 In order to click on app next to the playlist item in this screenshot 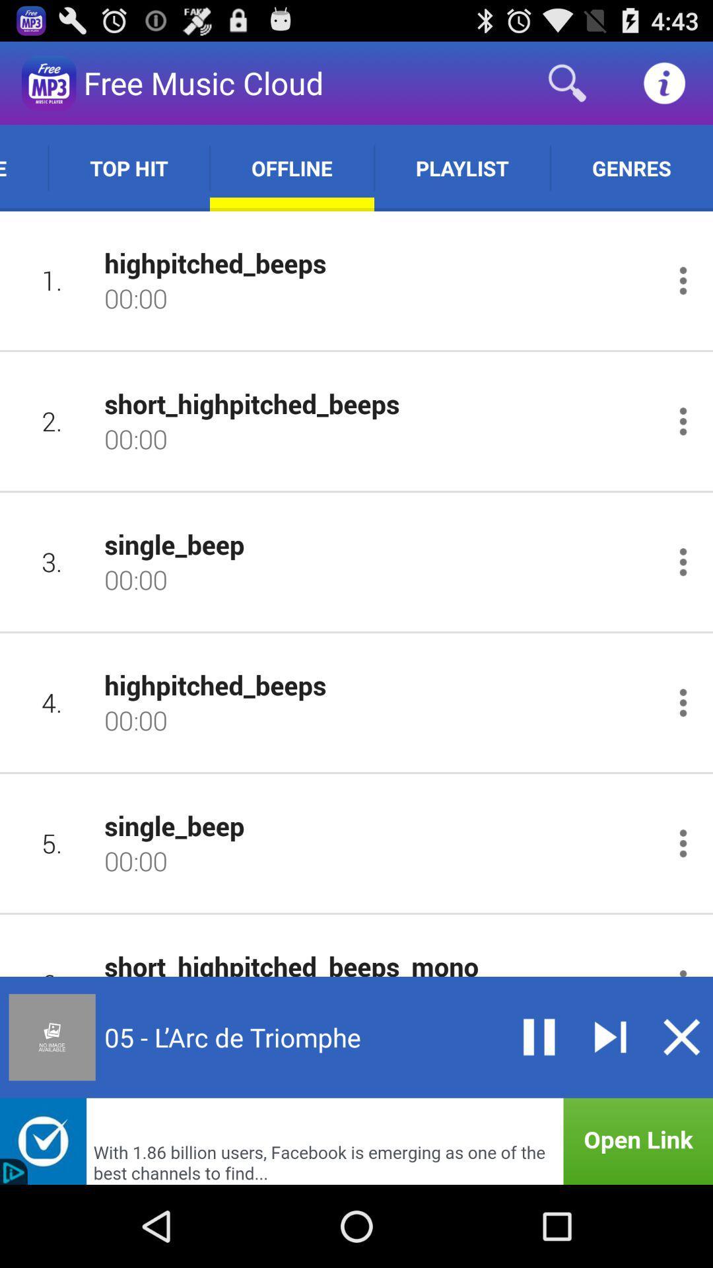, I will do `click(630, 167)`.